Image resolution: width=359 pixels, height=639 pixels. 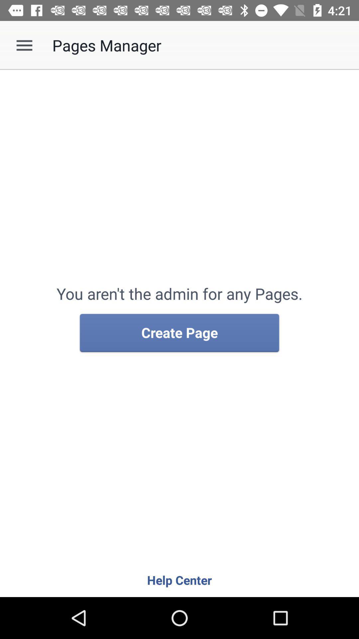 I want to click on icon above the help center item, so click(x=179, y=333).